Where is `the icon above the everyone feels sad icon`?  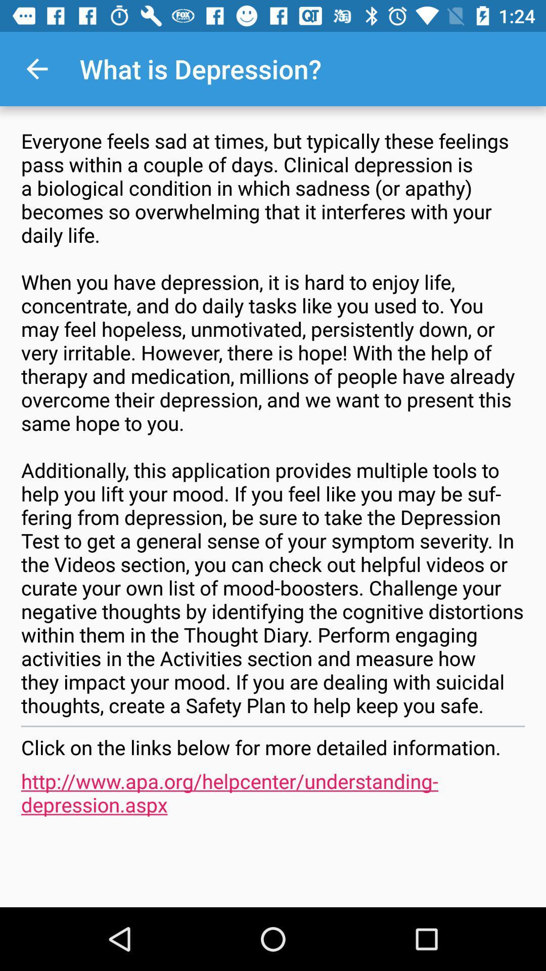 the icon above the everyone feels sad icon is located at coordinates (36, 68).